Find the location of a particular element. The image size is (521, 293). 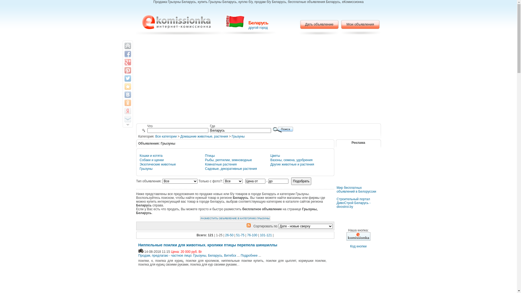

'Share on VK' is located at coordinates (127, 94).